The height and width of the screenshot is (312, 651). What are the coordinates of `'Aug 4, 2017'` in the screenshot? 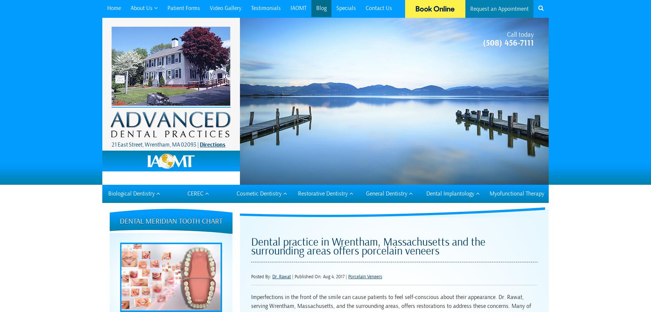 It's located at (333, 276).